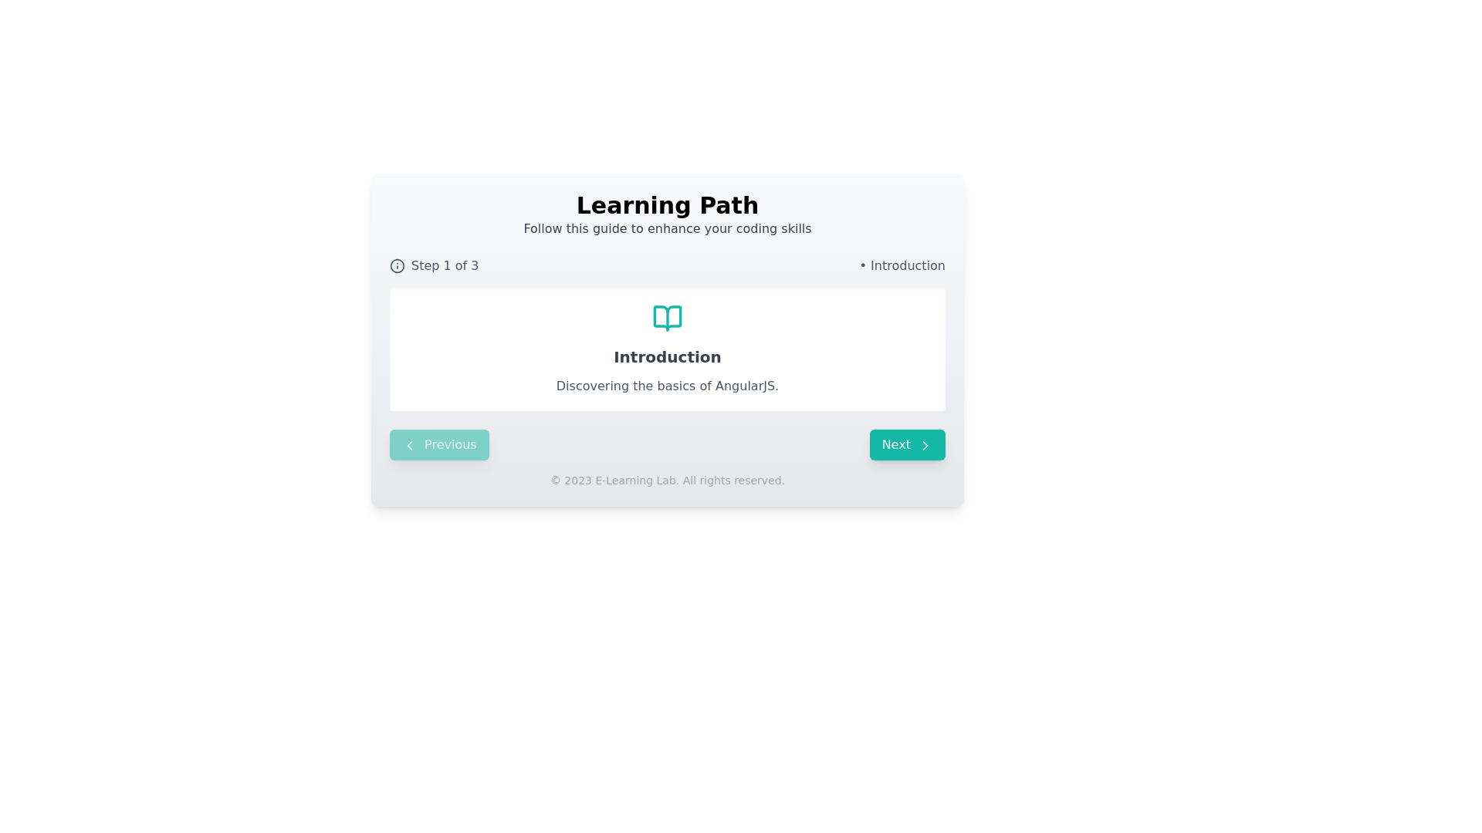  What do you see at coordinates (438, 445) in the screenshot?
I see `the 'Previous' button, which is a rectangular button with white text on a teal background, located at the bottom-left of a card interface` at bounding box center [438, 445].